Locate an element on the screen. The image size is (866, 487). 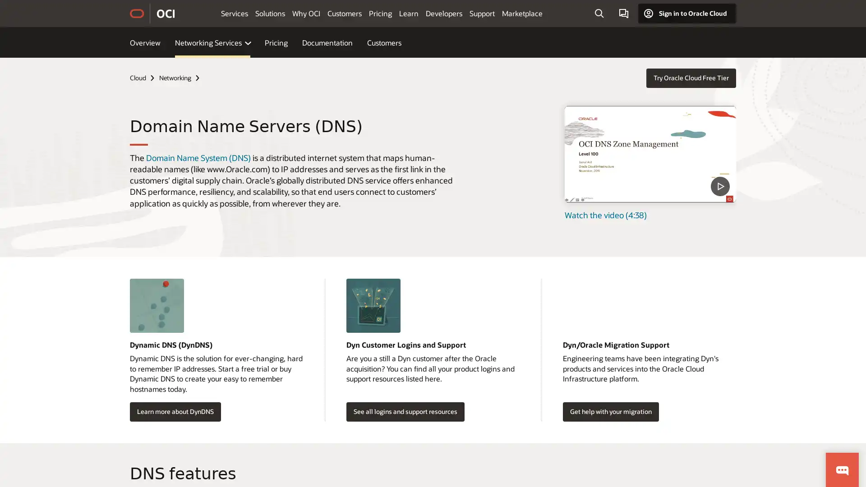
Marketplace is located at coordinates (522, 13).